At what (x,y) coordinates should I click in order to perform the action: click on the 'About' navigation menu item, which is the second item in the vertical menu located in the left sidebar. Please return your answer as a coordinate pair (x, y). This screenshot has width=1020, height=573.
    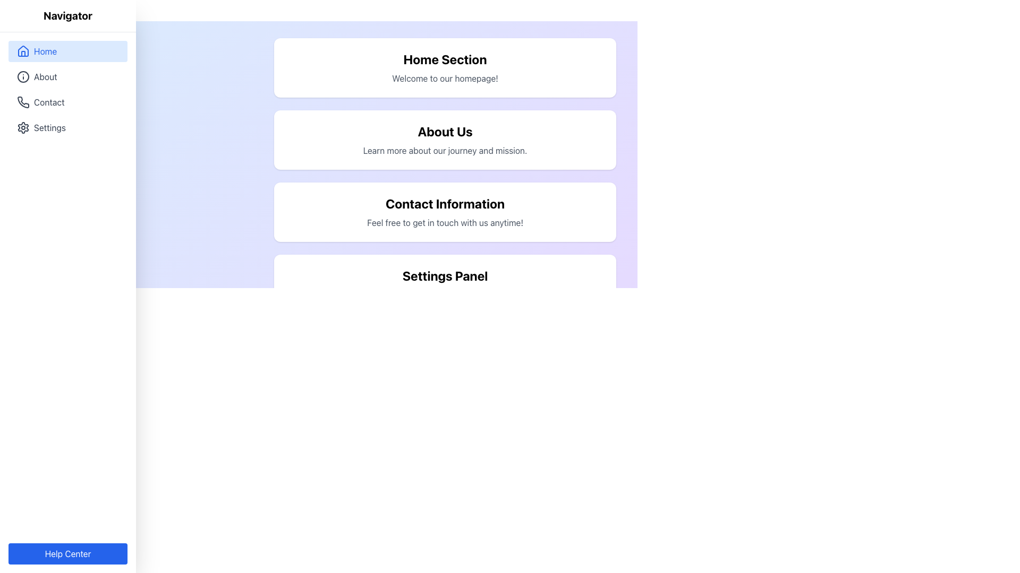
    Looking at the image, I should click on (67, 76).